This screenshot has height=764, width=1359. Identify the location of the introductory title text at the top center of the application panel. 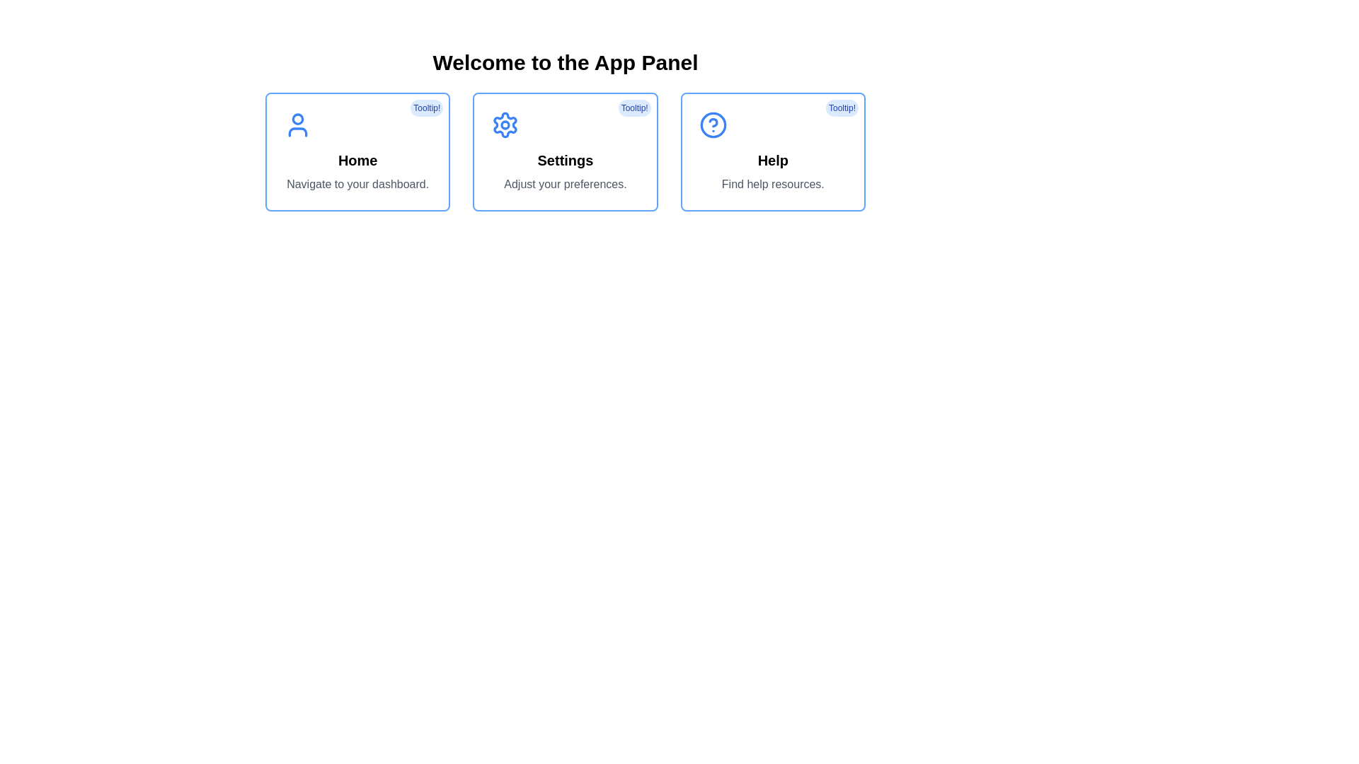
(564, 62).